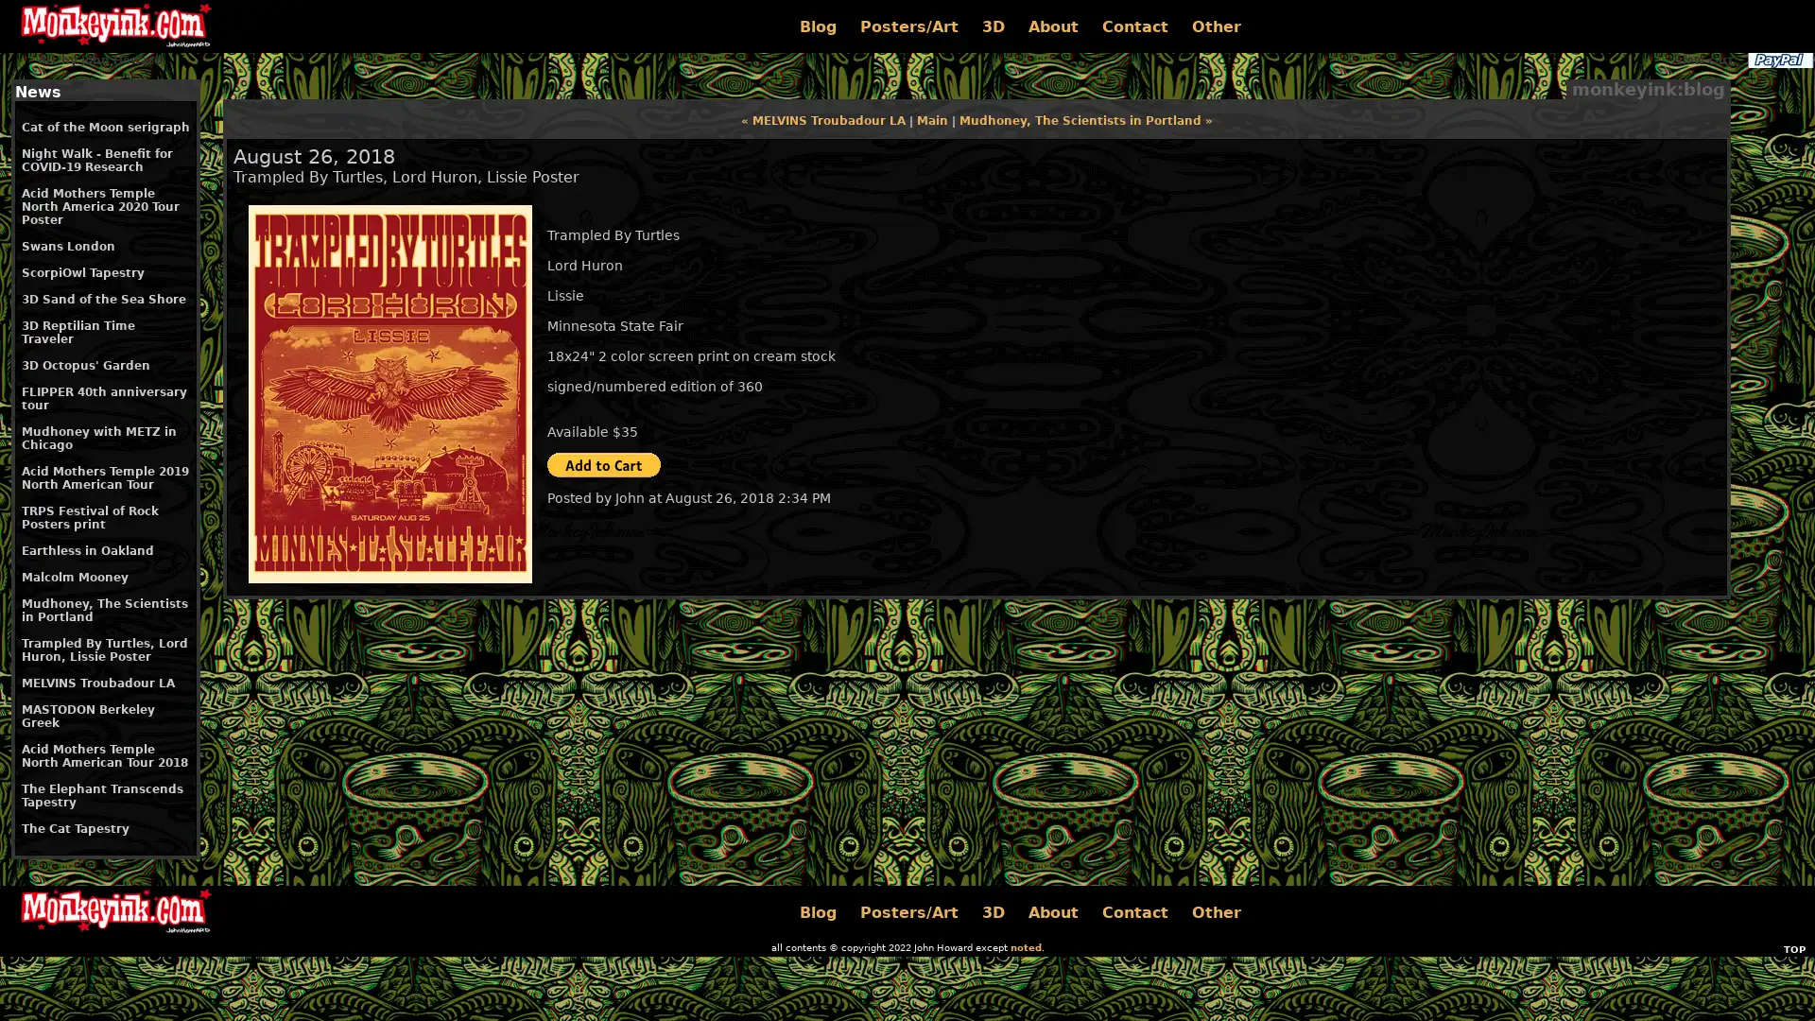 This screenshot has height=1021, width=1815. I want to click on PayPal, so click(1778, 60).